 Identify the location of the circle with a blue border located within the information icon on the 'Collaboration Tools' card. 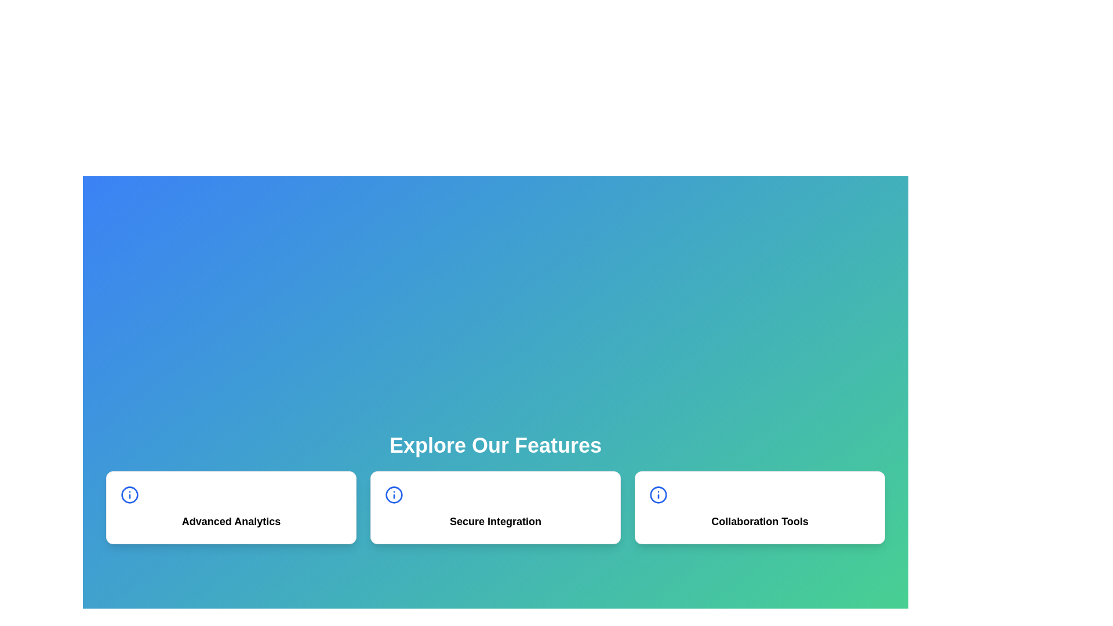
(659, 494).